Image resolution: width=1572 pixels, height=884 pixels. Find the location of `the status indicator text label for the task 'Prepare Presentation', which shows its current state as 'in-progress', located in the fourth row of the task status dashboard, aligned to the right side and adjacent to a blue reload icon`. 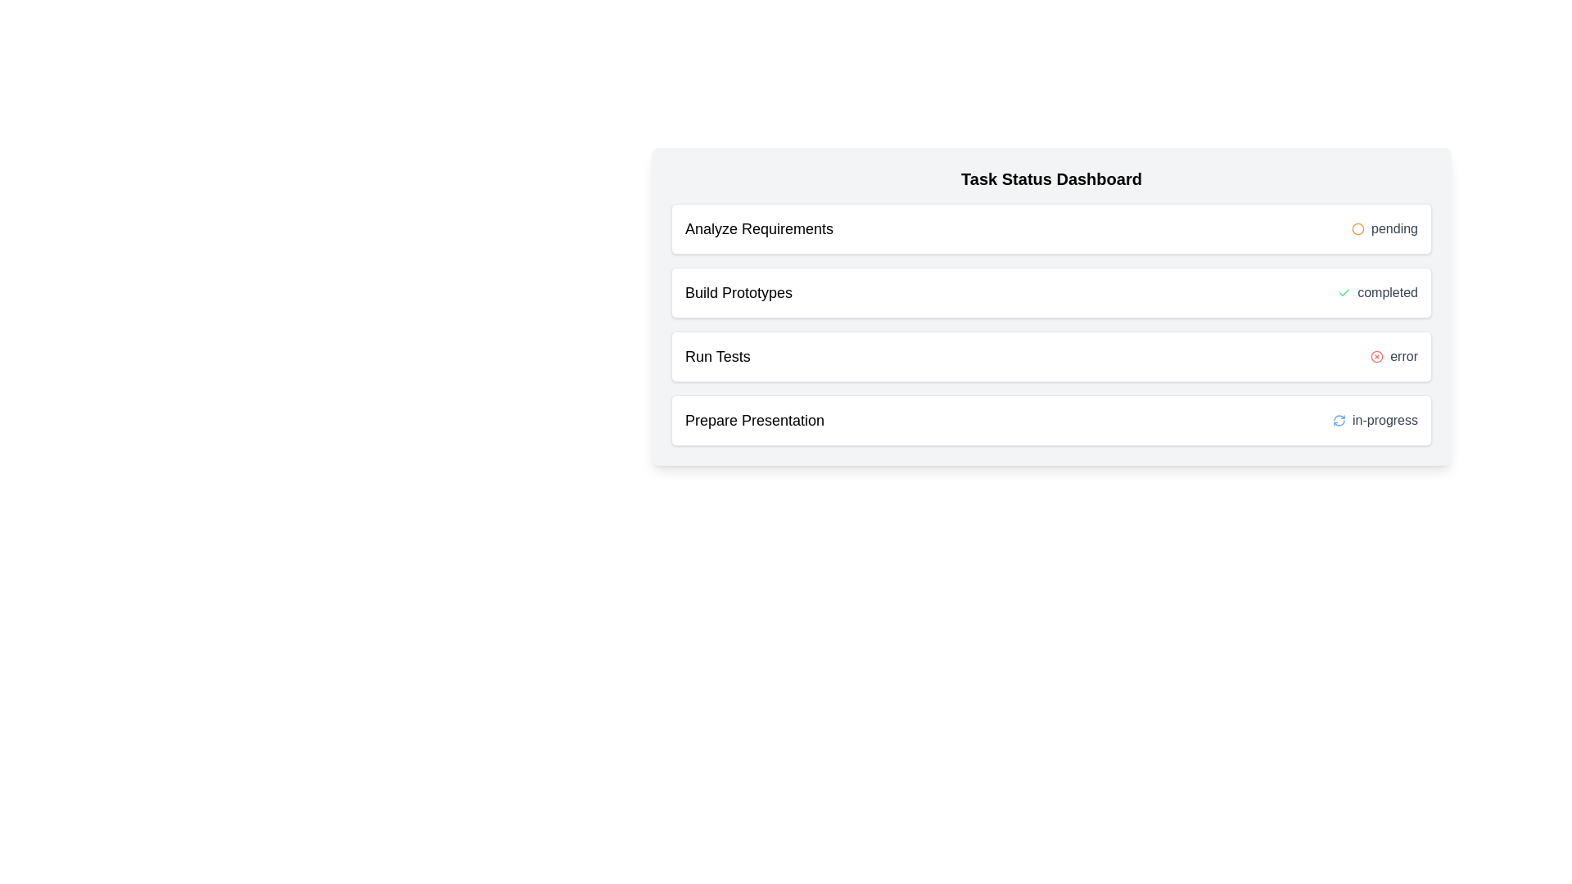

the status indicator text label for the task 'Prepare Presentation', which shows its current state as 'in-progress', located in the fourth row of the task status dashboard, aligned to the right side and adjacent to a blue reload icon is located at coordinates (1384, 419).